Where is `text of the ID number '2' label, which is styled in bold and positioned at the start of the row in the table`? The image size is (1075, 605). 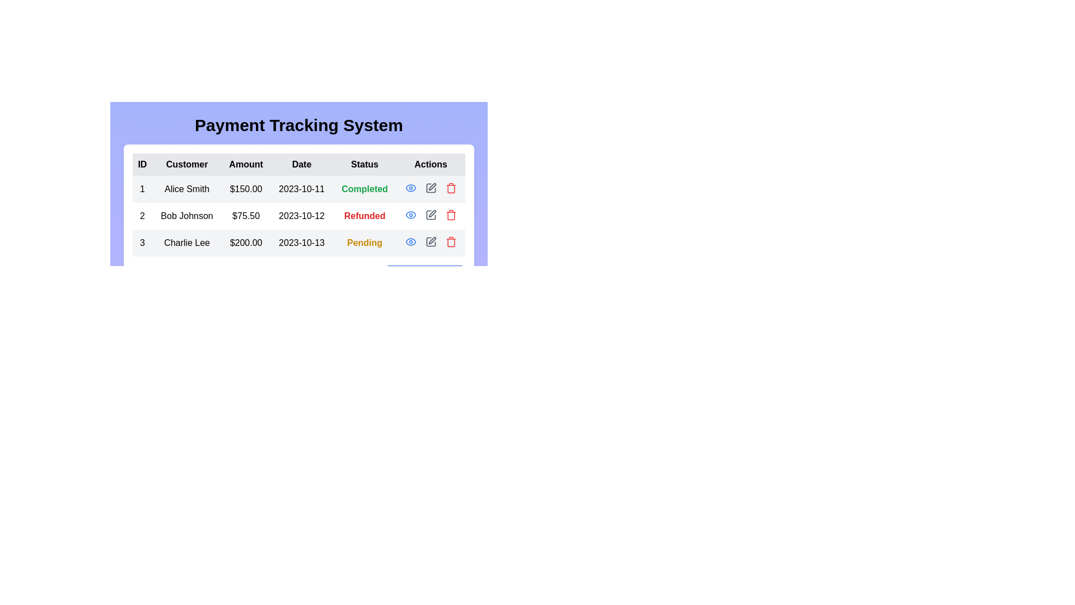 text of the ID number '2' label, which is styled in bold and positioned at the start of the row in the table is located at coordinates (142, 216).